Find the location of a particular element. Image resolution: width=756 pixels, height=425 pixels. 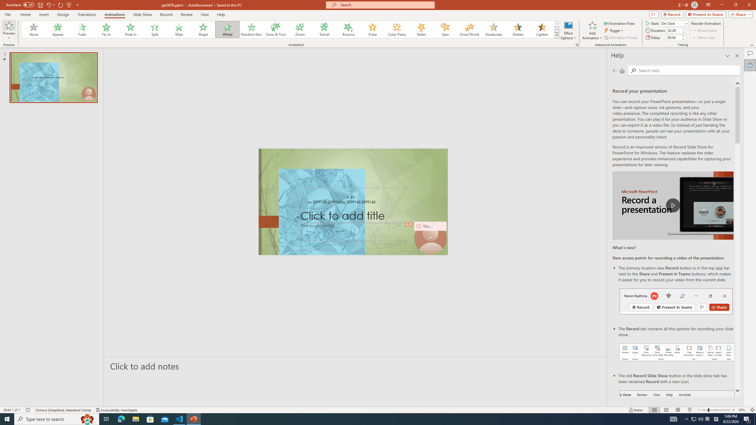

'Split' is located at coordinates (154, 29).